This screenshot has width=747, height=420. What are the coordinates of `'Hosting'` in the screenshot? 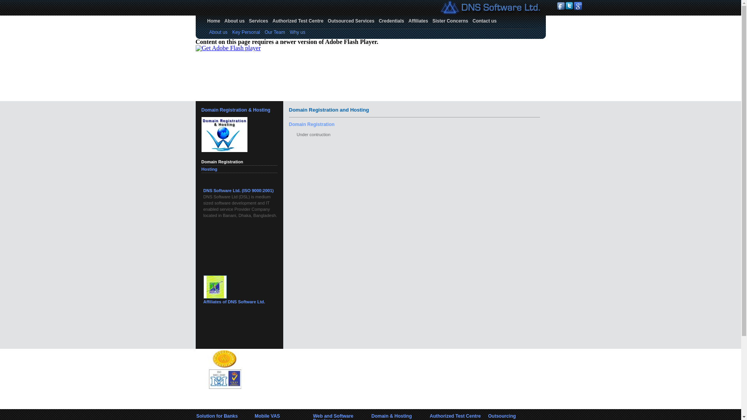 It's located at (209, 169).